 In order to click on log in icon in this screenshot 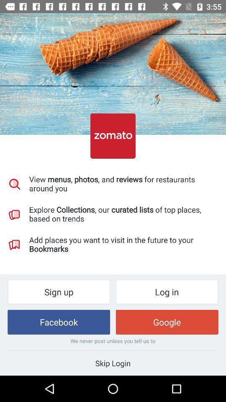, I will do `click(167, 292)`.